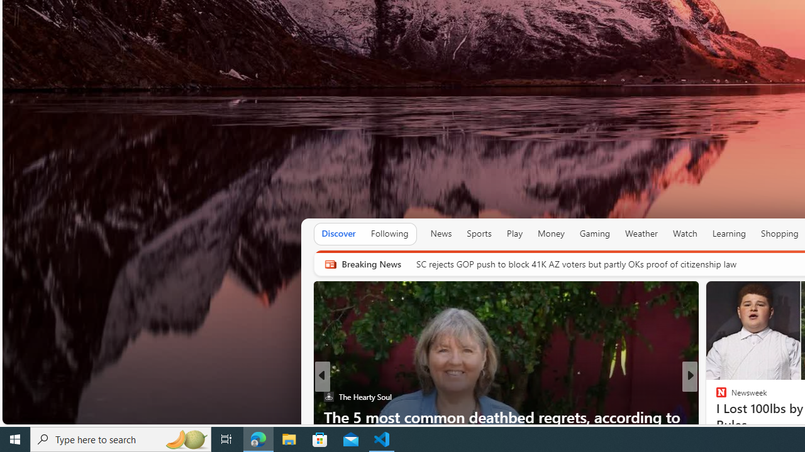 This screenshot has width=805, height=452. What do you see at coordinates (716, 397) in the screenshot?
I see `'XDA Developers'` at bounding box center [716, 397].